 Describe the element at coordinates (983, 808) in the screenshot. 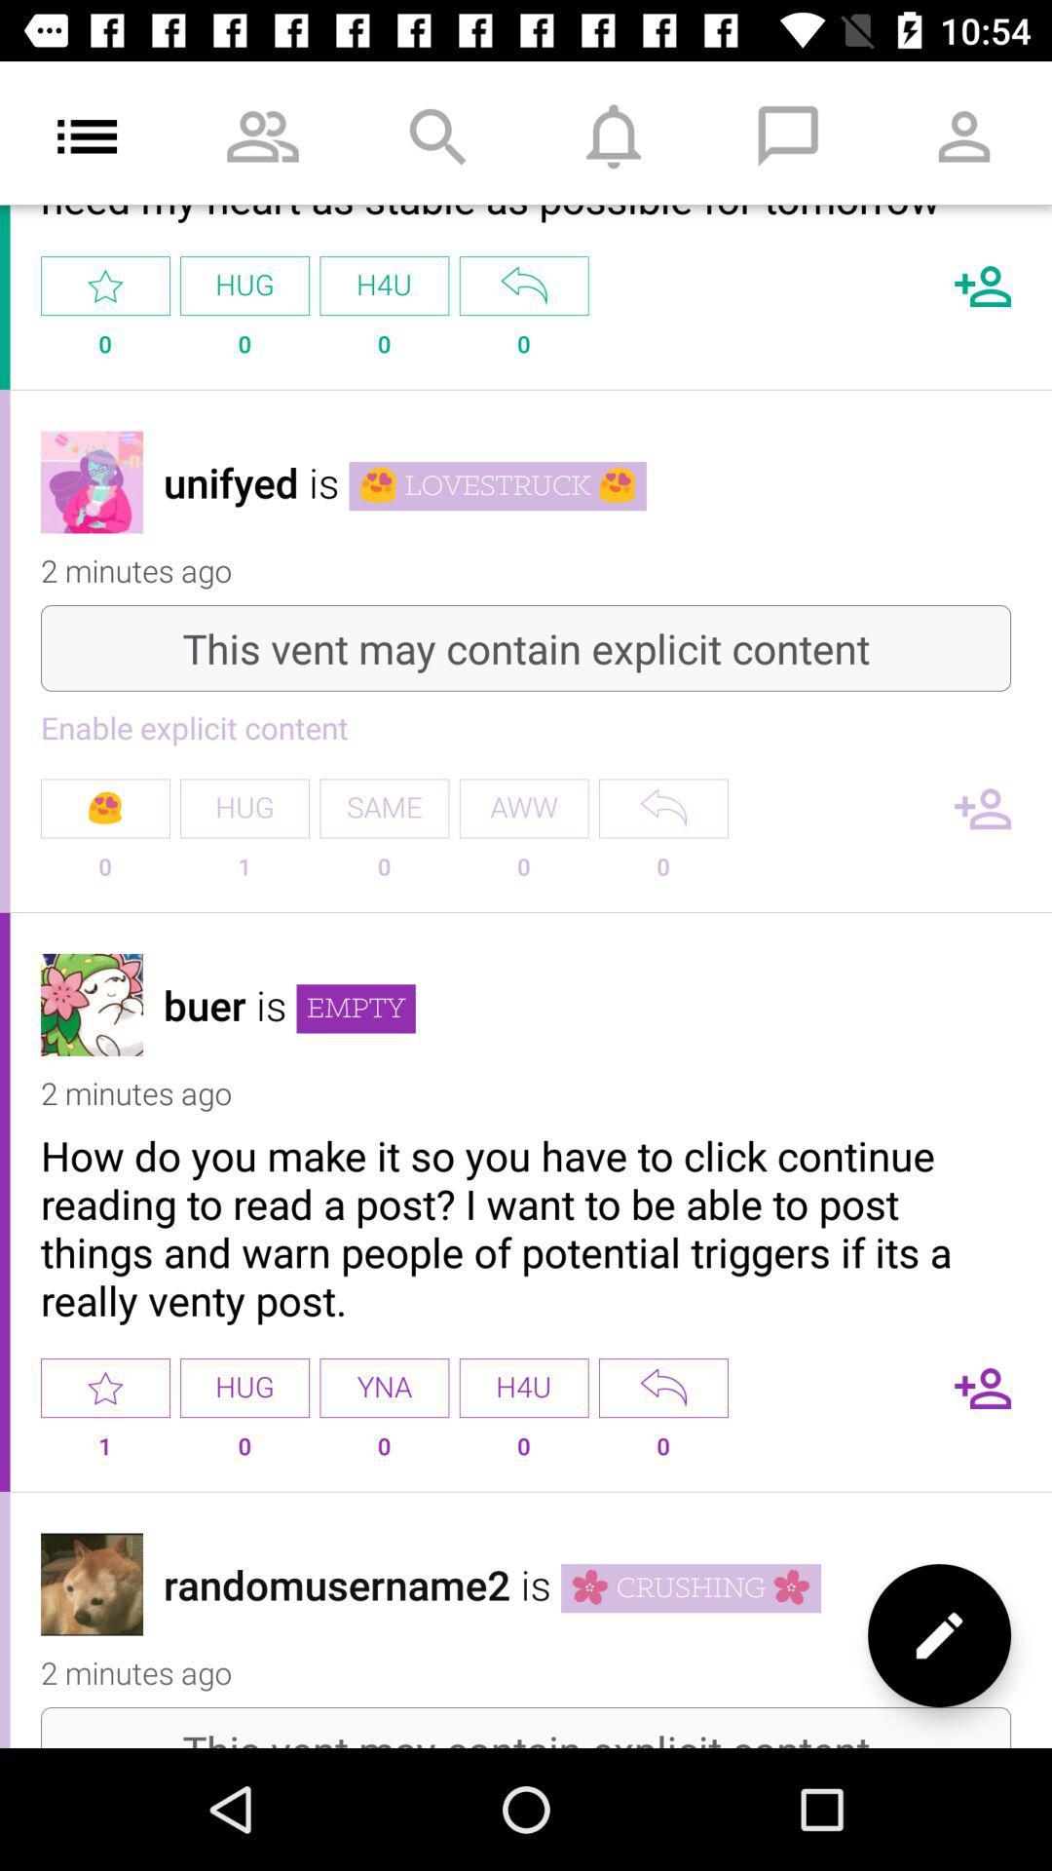

I see `number of followers` at that location.